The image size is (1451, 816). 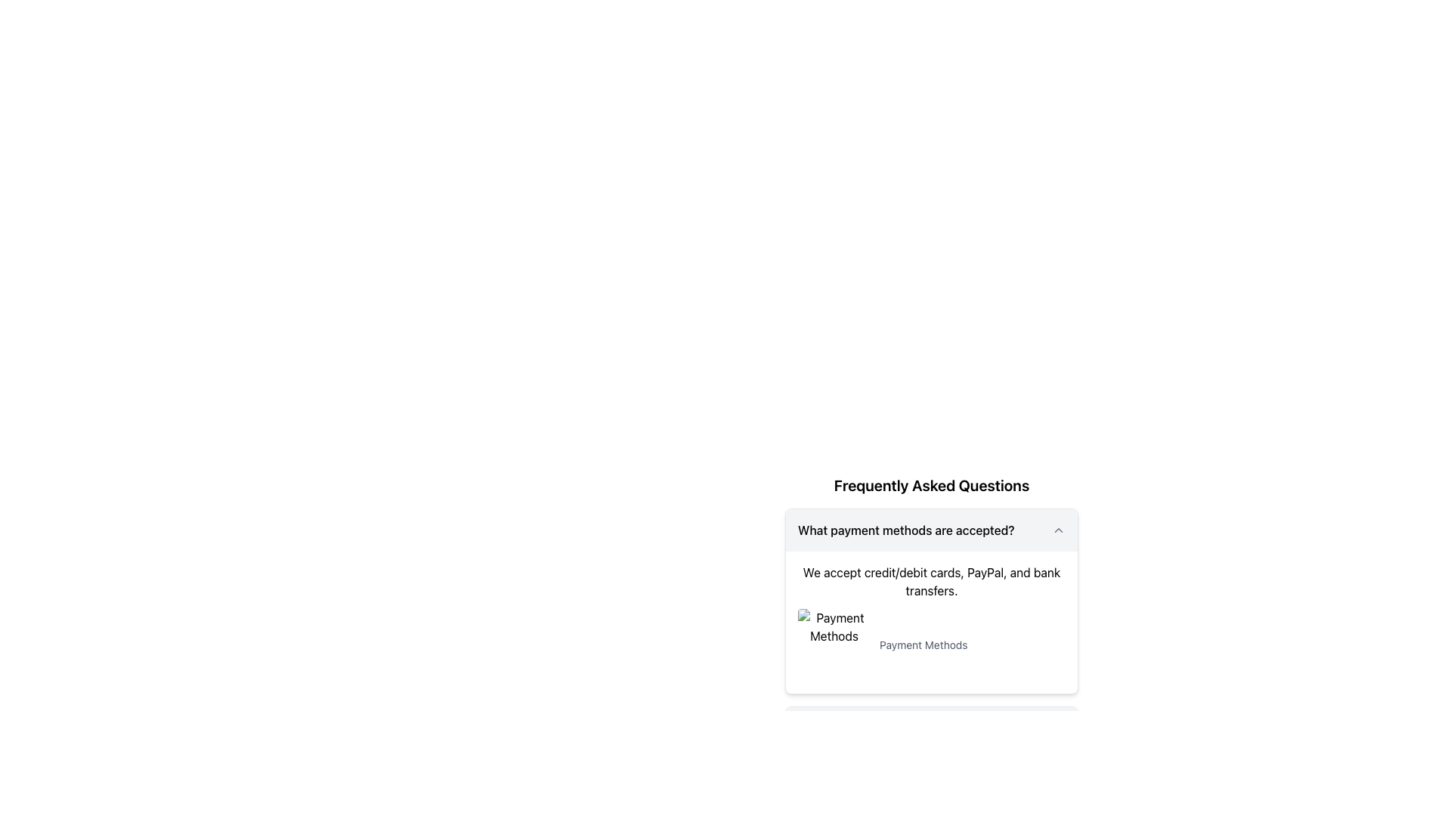 I want to click on the informational text about available payment methods, which is located below the section header 'What payment methods are accepted?' and above the graphical and textual information regarding payment methods, so click(x=931, y=581).